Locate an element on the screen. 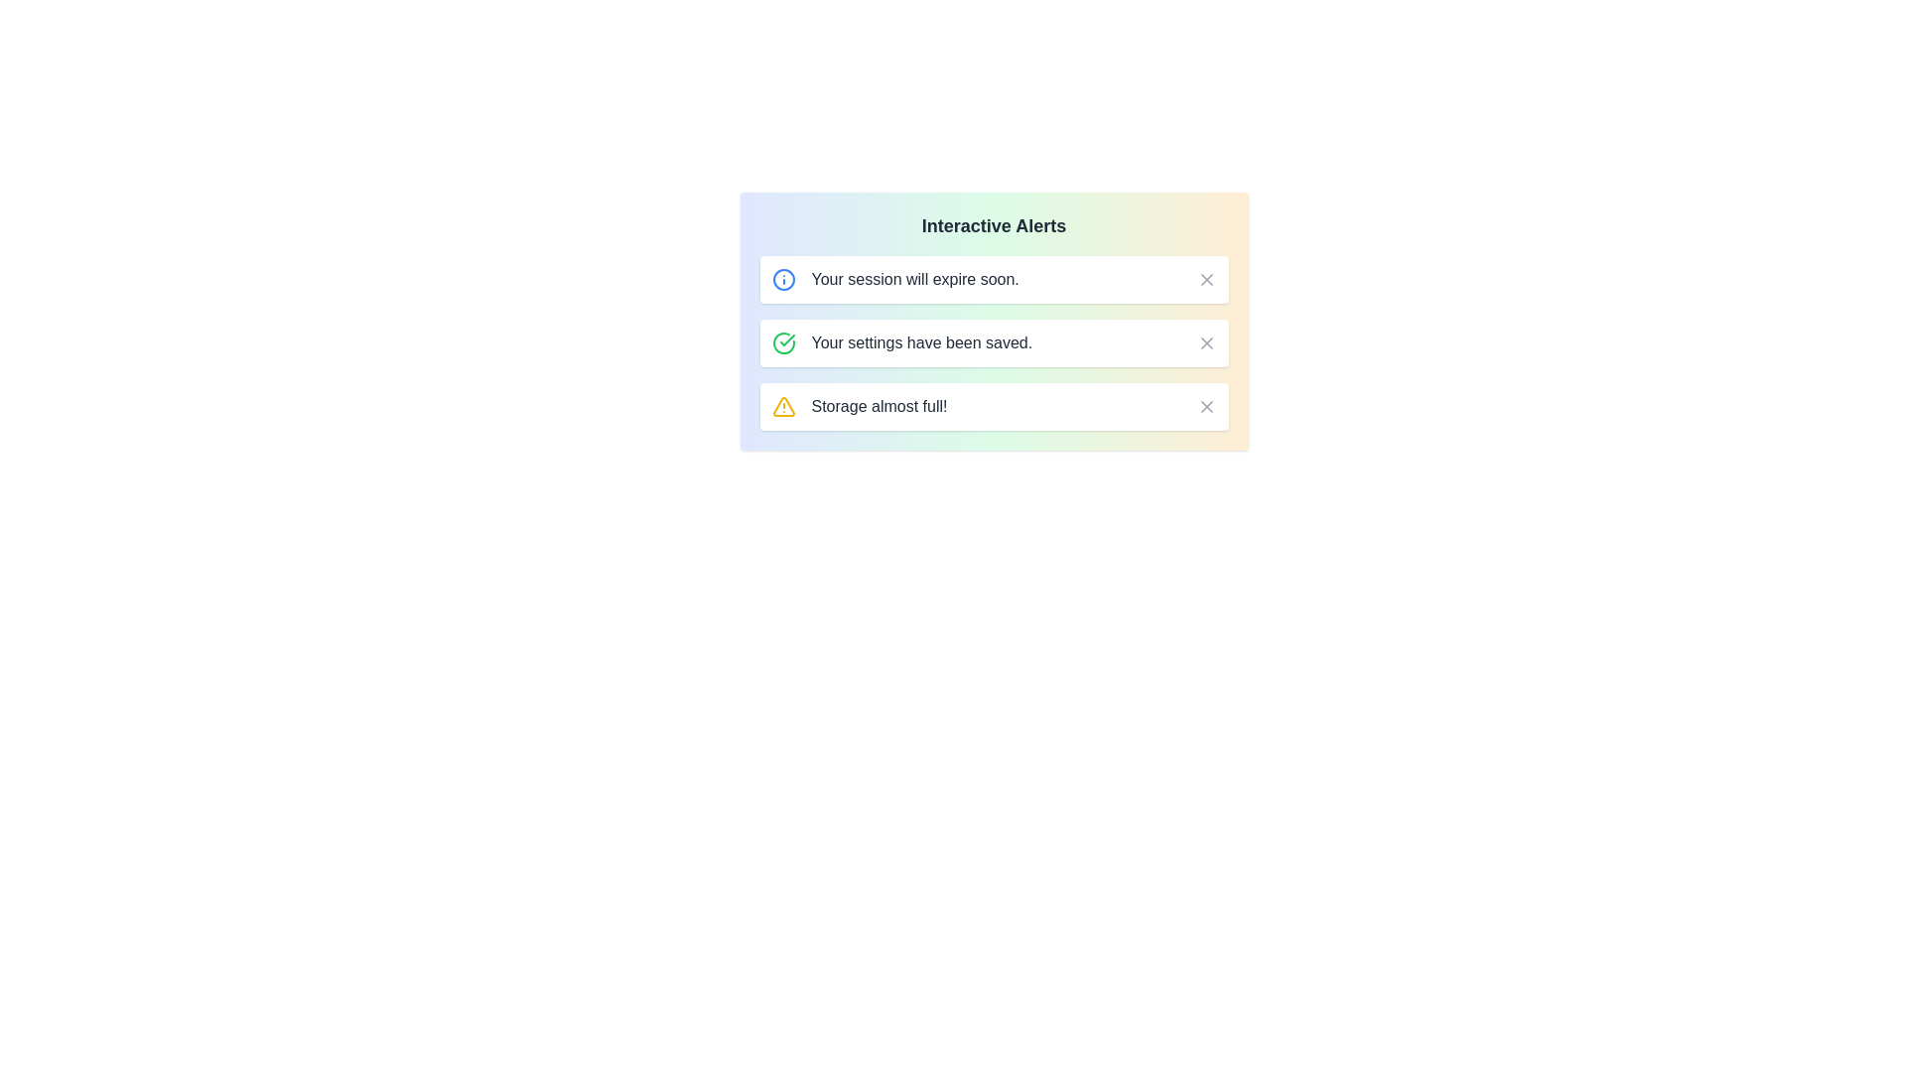  the green circular icon containing a check mark, which indicates that settings have been saved is located at coordinates (782, 342).